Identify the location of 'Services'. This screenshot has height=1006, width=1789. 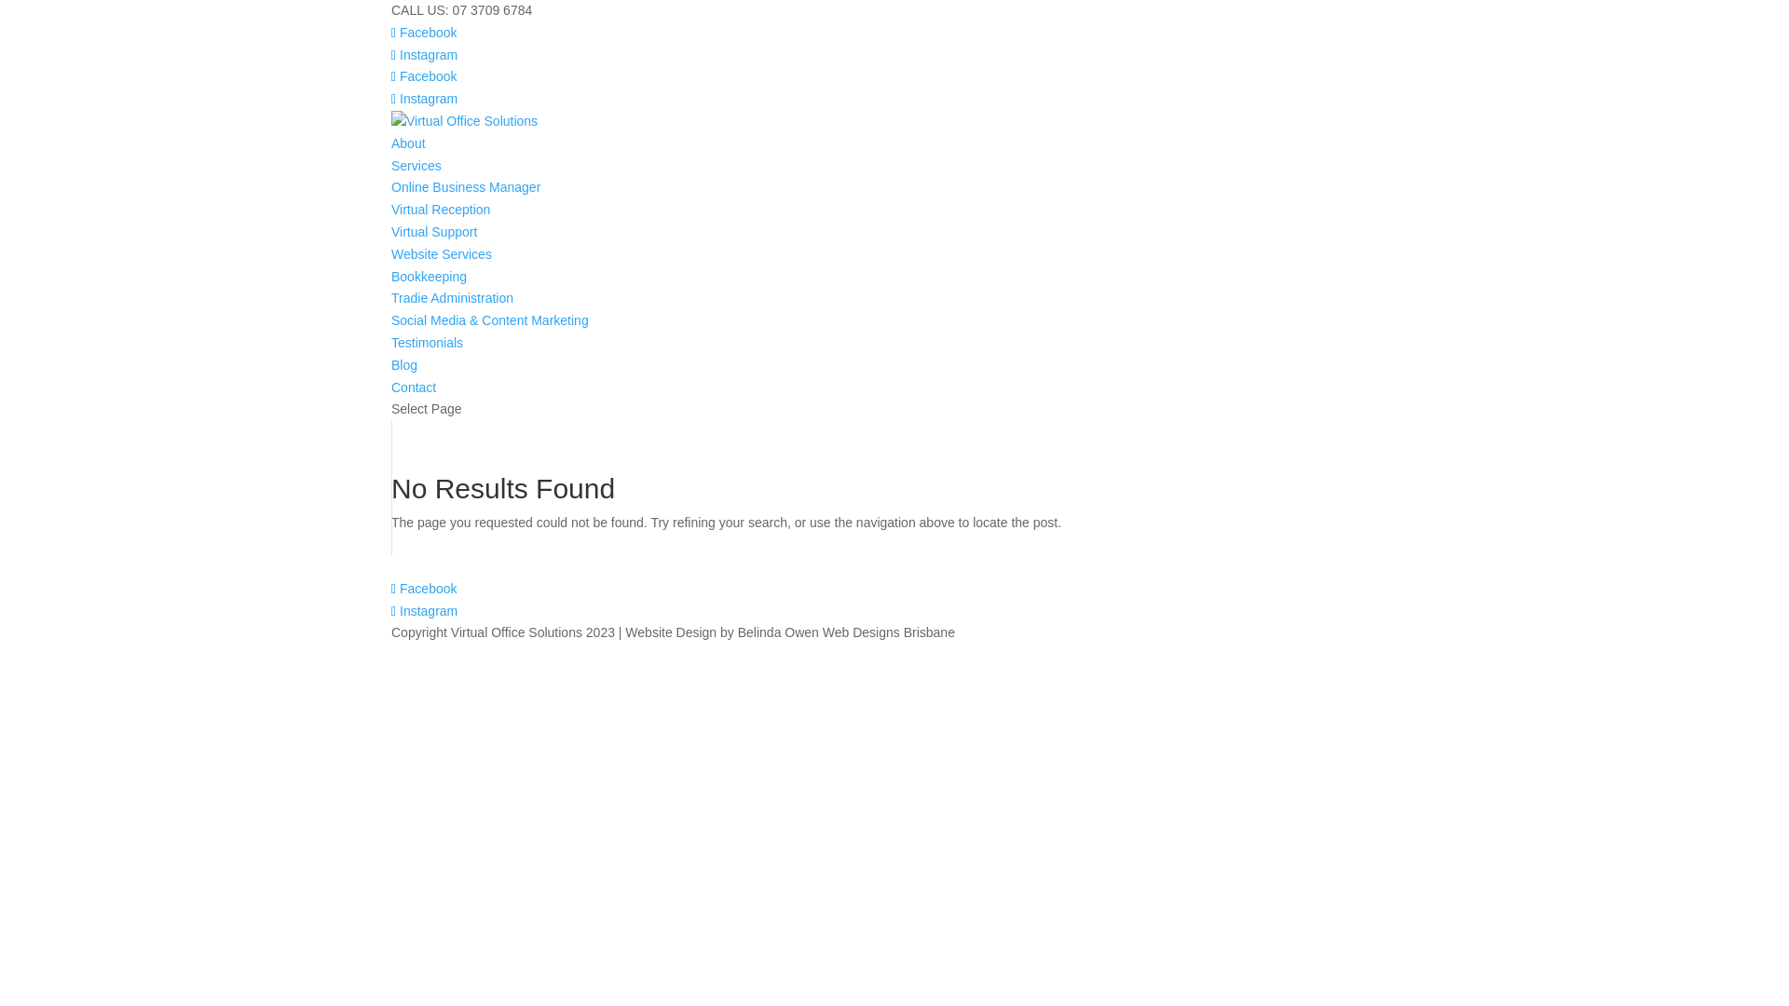
(415, 164).